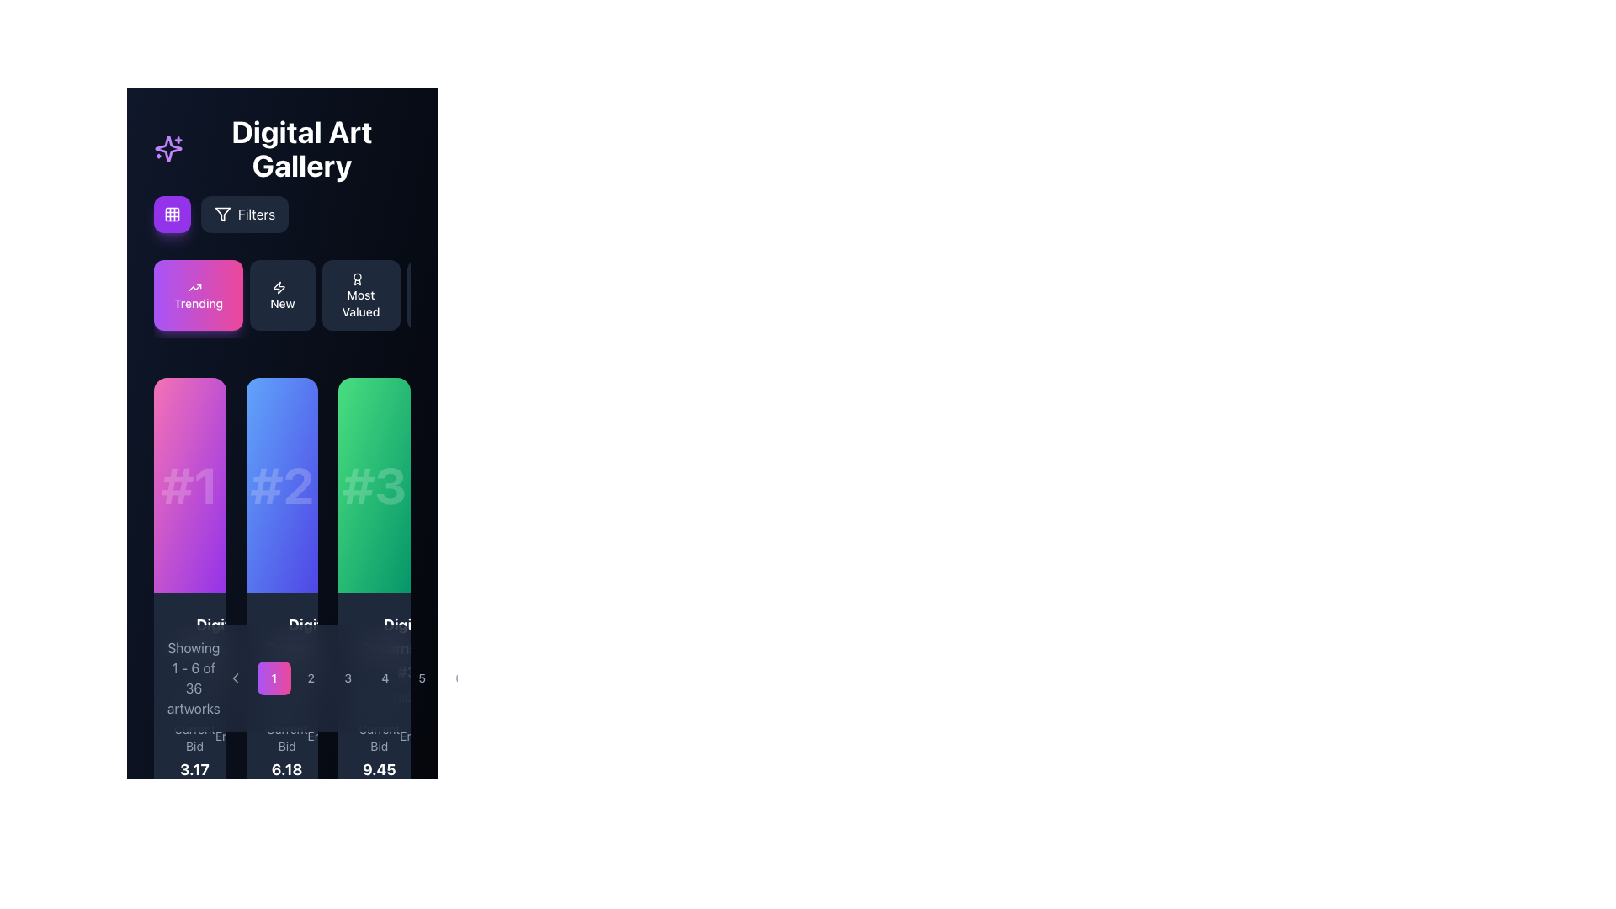 This screenshot has width=1616, height=909. What do you see at coordinates (280, 629) in the screenshot?
I see `the icon representing favoriting or liking content` at bounding box center [280, 629].